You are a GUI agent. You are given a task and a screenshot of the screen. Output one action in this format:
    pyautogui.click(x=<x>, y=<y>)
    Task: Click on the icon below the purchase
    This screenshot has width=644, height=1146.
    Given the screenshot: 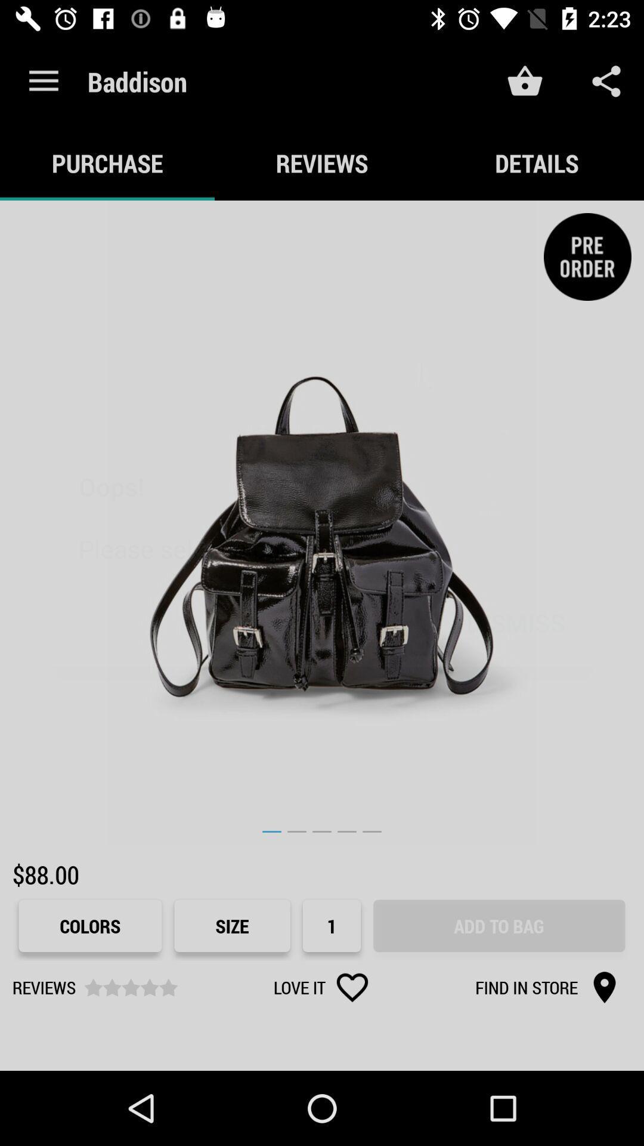 What is the action you would take?
    pyautogui.click(x=322, y=523)
    